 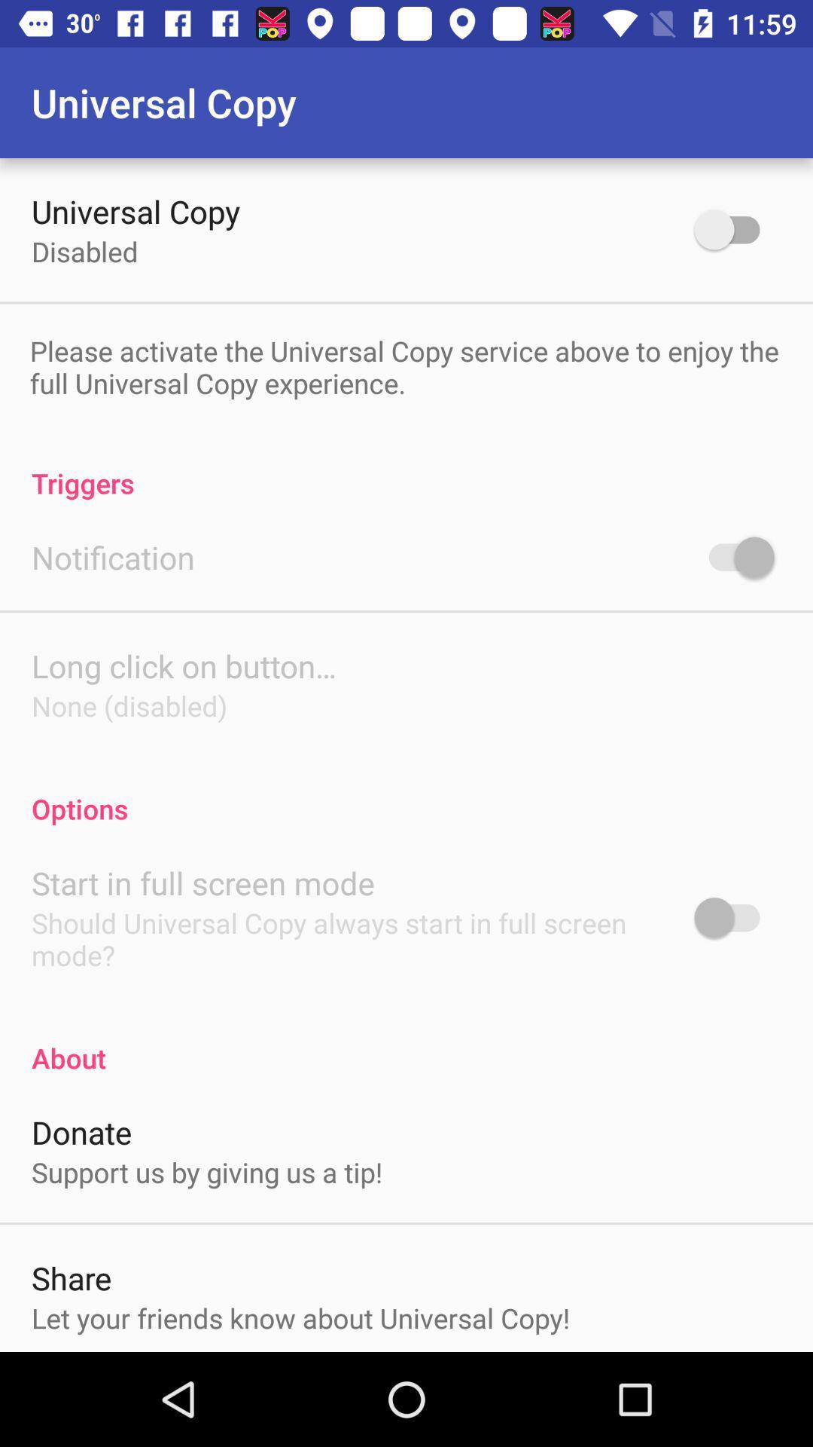 What do you see at coordinates (733, 556) in the screenshot?
I see `notification option` at bounding box center [733, 556].